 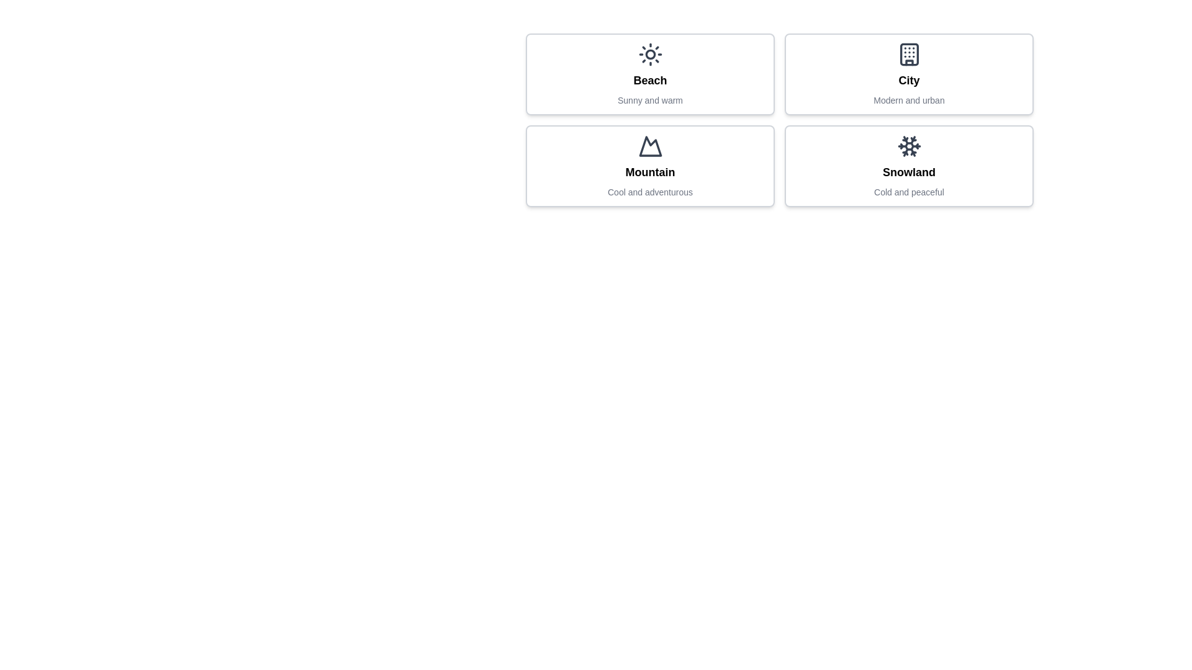 I want to click on appearance of the 'Mountain' icon located at the top center of the 'Mountain' card, which features a subtitle 'Cool and adventurous', so click(x=649, y=145).